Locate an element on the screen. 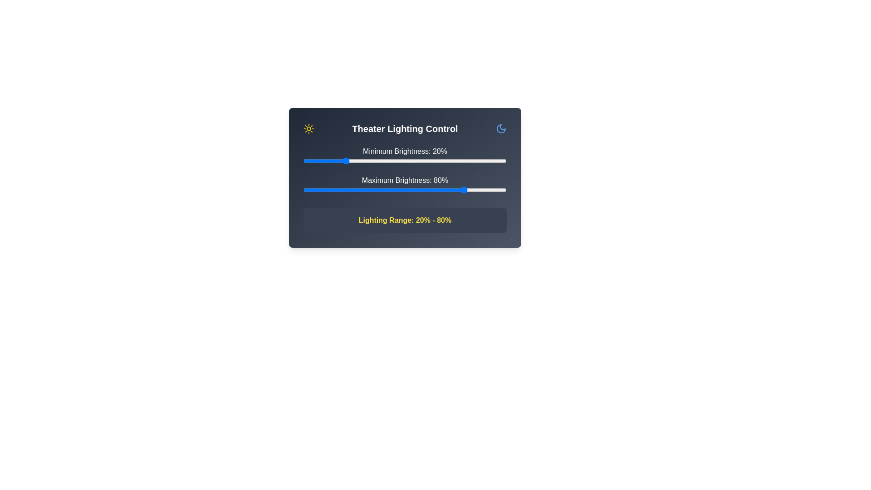  the minimum brightness to 18% by interacting with the slider is located at coordinates (339, 160).